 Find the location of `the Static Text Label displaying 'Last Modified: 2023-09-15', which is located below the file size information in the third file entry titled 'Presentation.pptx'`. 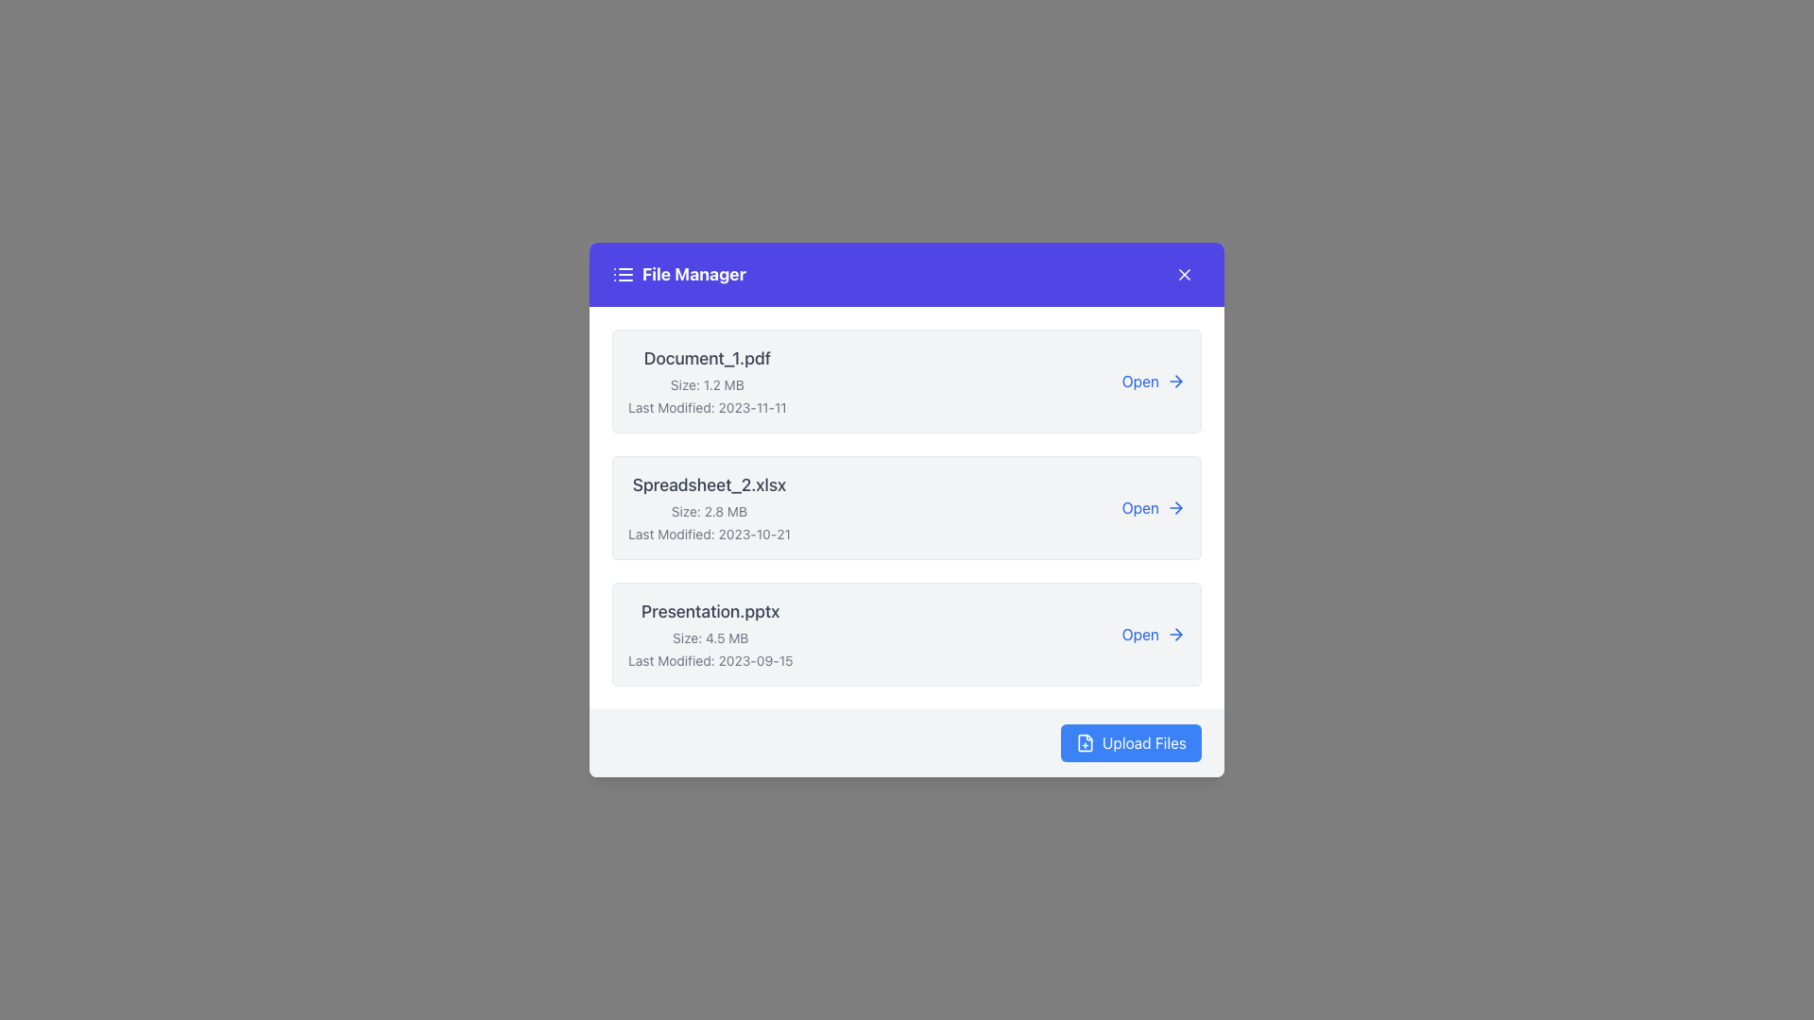

the Static Text Label displaying 'Last Modified: 2023-09-15', which is located below the file size information in the third file entry titled 'Presentation.pptx' is located at coordinates (710, 659).